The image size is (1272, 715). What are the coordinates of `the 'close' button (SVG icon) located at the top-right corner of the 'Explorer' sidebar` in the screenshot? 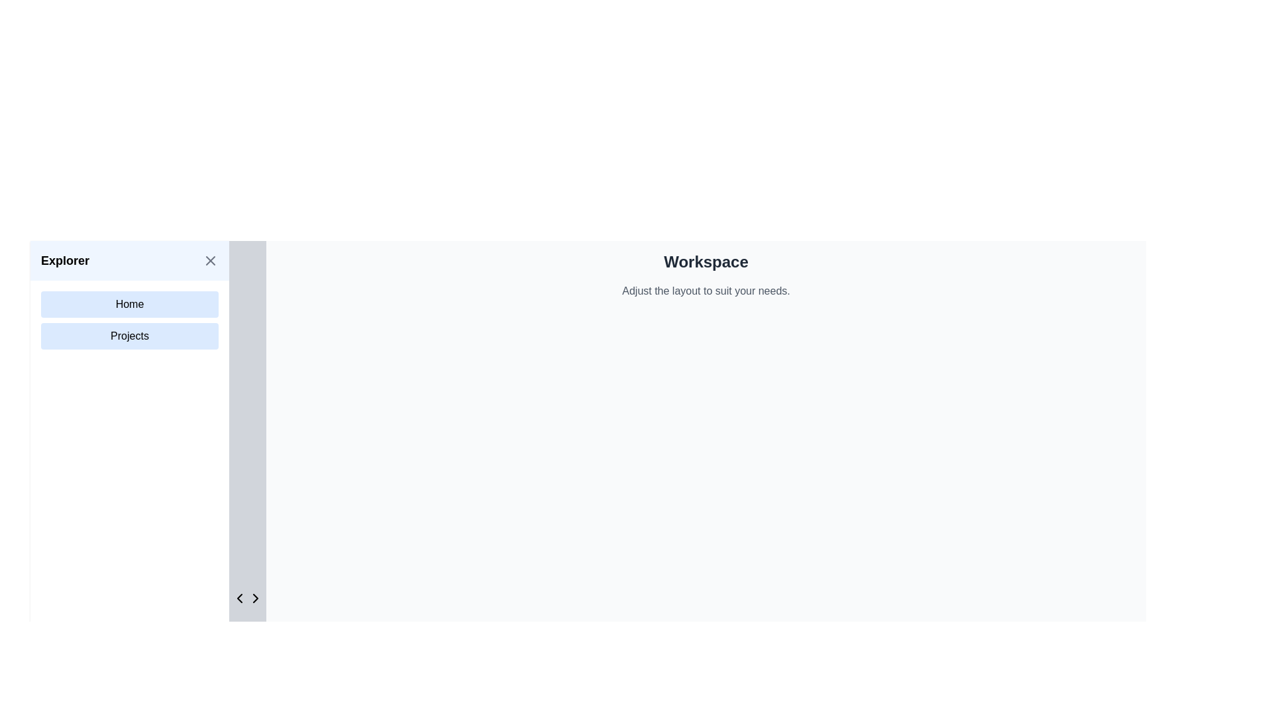 It's located at (209, 260).